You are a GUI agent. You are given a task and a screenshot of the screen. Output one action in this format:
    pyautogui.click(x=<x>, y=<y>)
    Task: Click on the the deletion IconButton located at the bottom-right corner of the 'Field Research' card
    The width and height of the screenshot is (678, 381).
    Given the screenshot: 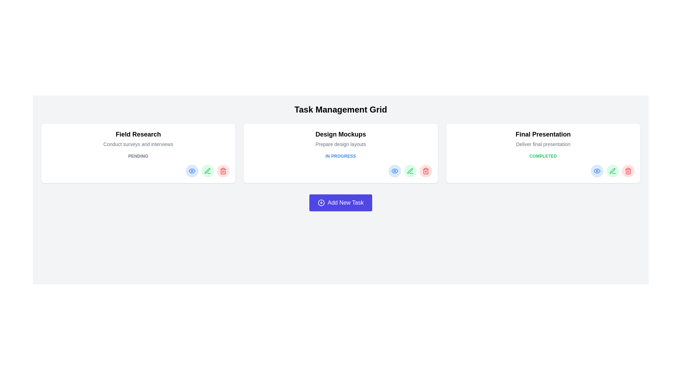 What is the action you would take?
    pyautogui.click(x=223, y=171)
    